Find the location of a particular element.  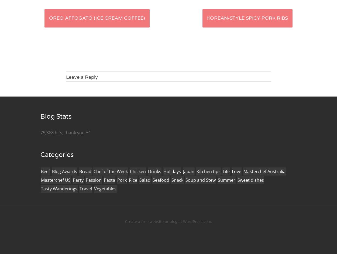

'Pork' is located at coordinates (122, 180).